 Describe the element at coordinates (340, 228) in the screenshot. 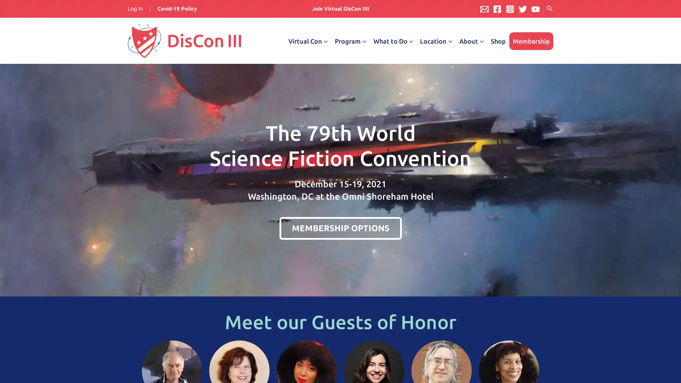

I see `MEMBERSHIP OPTIONS` at that location.